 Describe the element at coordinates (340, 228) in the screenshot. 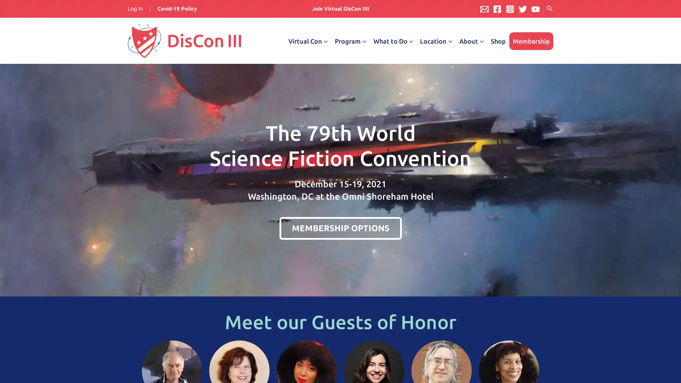

I see `MEMBERSHIP OPTIONS` at that location.